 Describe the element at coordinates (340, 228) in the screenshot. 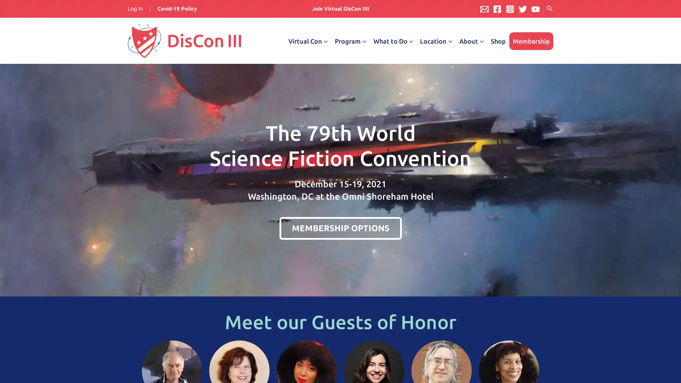

I see `MEMBERSHIP OPTIONS` at that location.